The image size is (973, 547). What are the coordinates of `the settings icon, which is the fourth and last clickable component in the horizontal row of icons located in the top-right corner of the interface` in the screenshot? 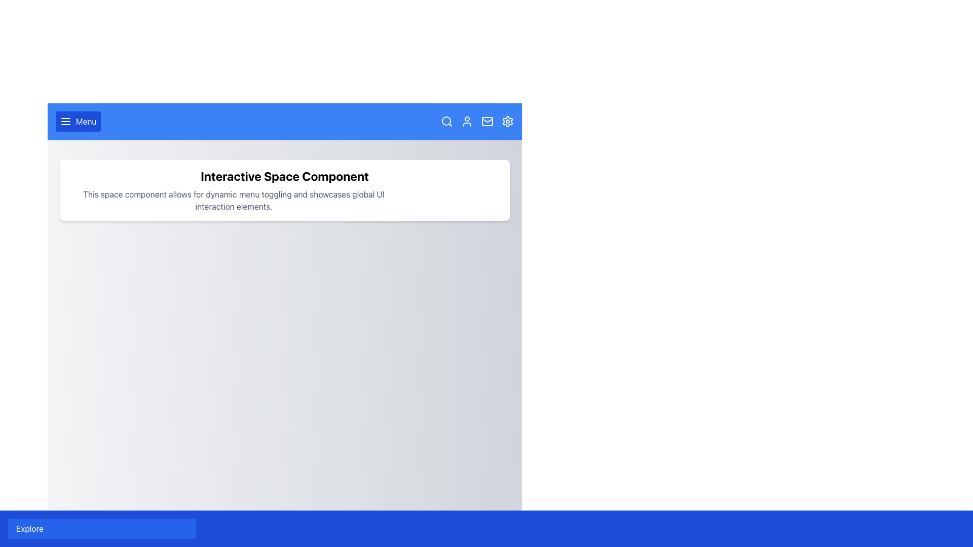 It's located at (508, 121).